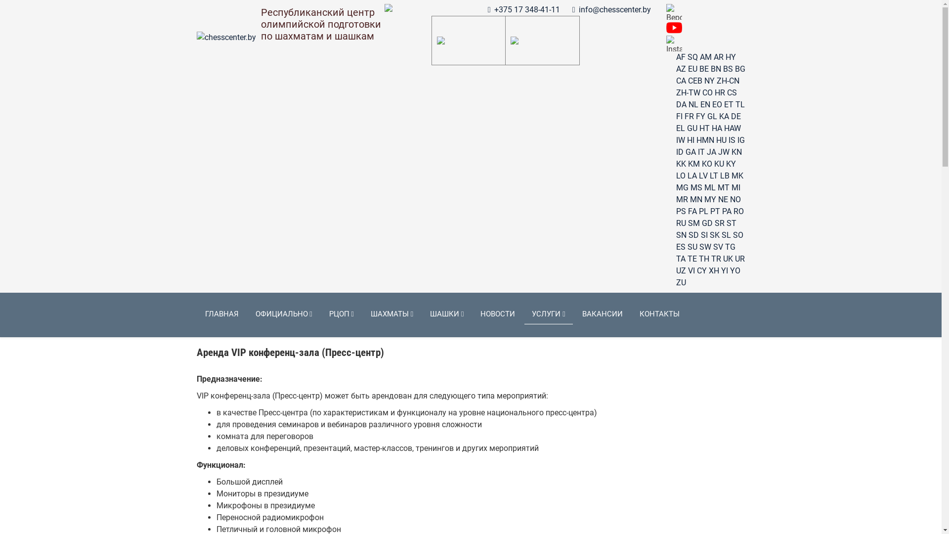 This screenshot has height=534, width=949. What do you see at coordinates (701, 223) in the screenshot?
I see `'GD'` at bounding box center [701, 223].